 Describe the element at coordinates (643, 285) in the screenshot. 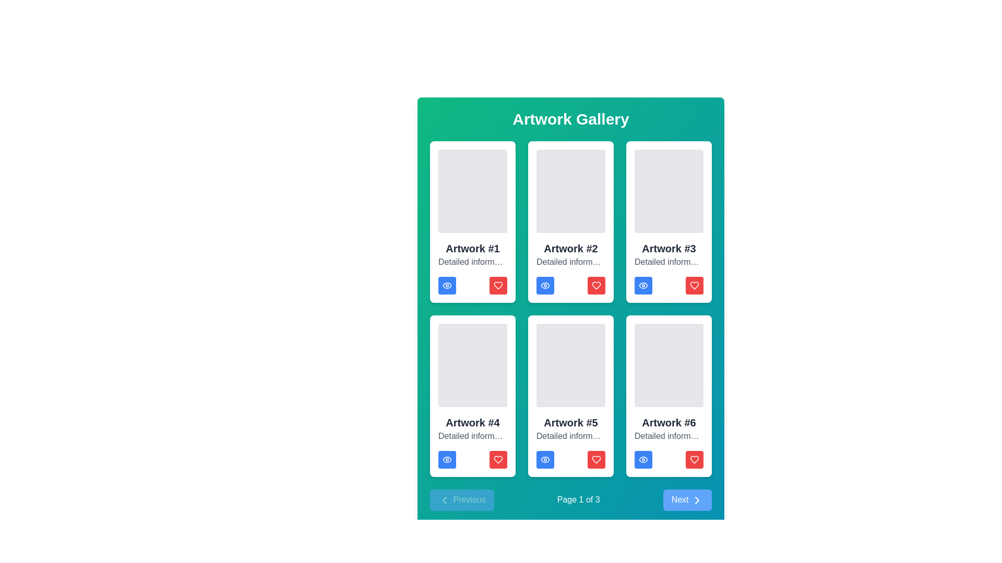

I see `the icon located within the button beneath the card labeled 'Artwork #3' in the third column of the first row` at that location.